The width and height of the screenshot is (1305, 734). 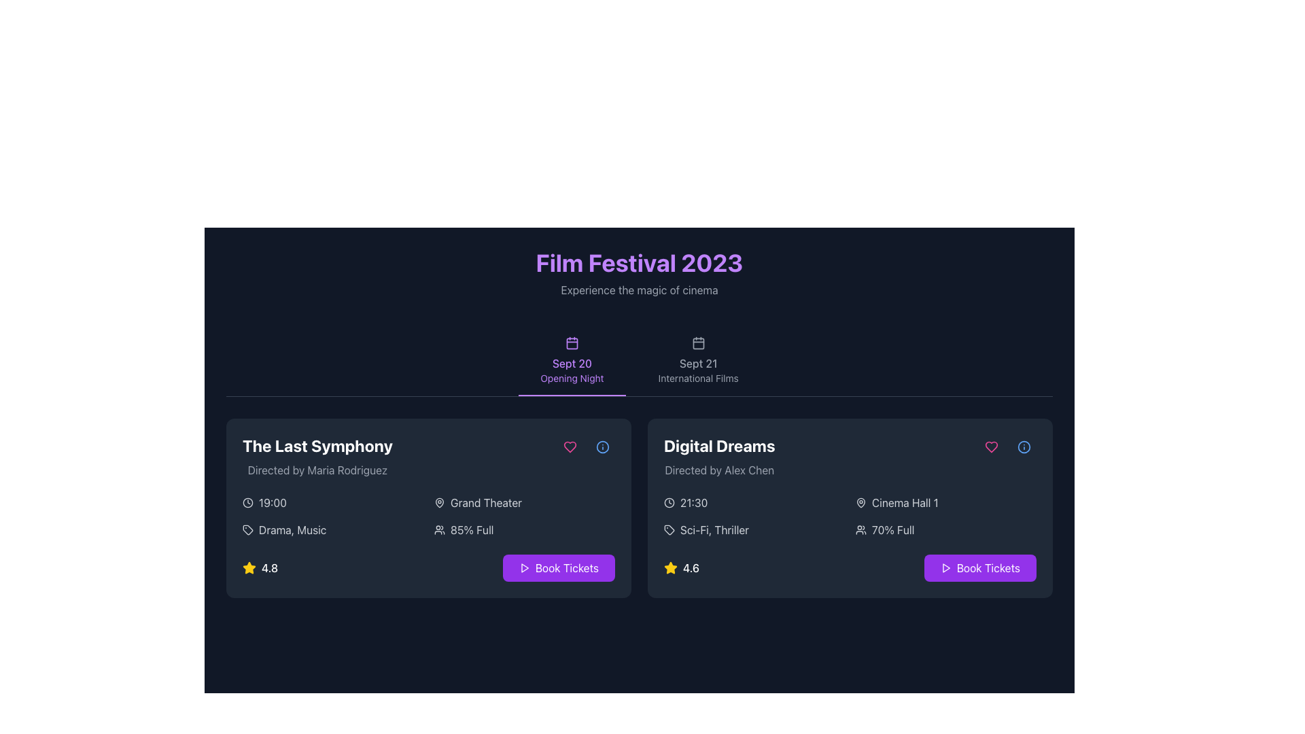 I want to click on the text label displaying 'Directed by Maria Rodriguez' which is positioned directly beneath the title 'The Last Symphony' in the left content panel, so click(x=317, y=469).